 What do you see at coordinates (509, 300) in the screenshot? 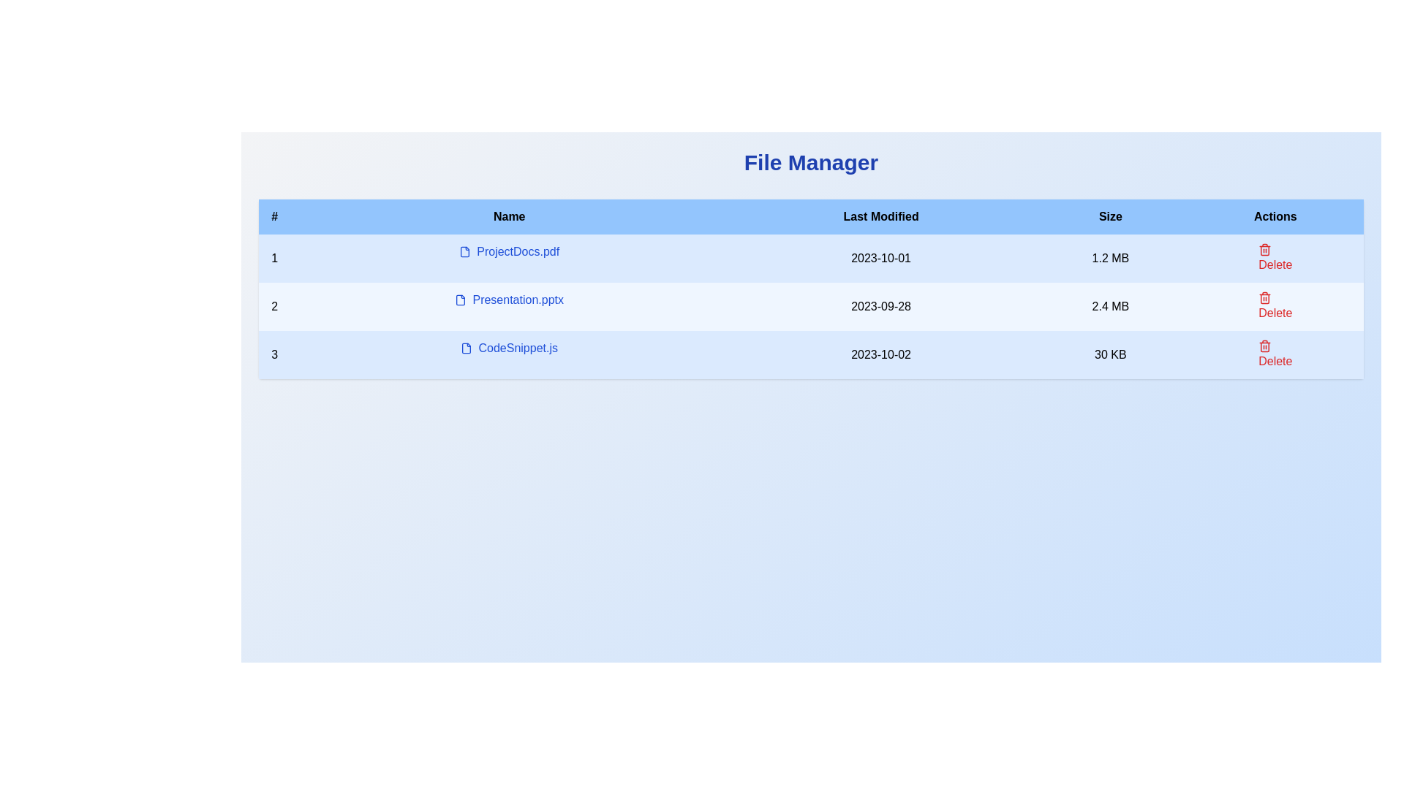
I see `the text element displaying 'Presentation.pptx'` at bounding box center [509, 300].